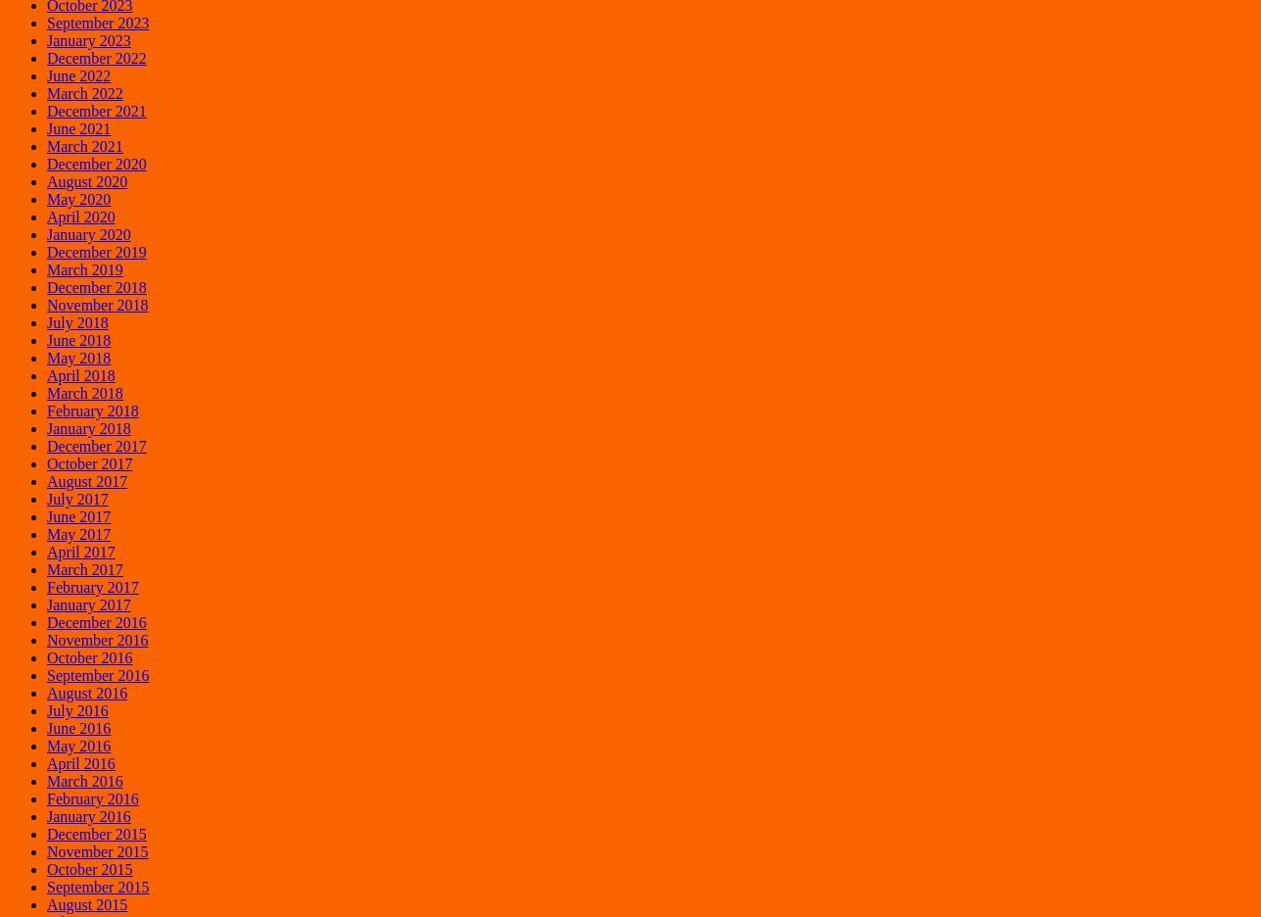 The image size is (1261, 917). What do you see at coordinates (47, 409) in the screenshot?
I see `'February 2018'` at bounding box center [47, 409].